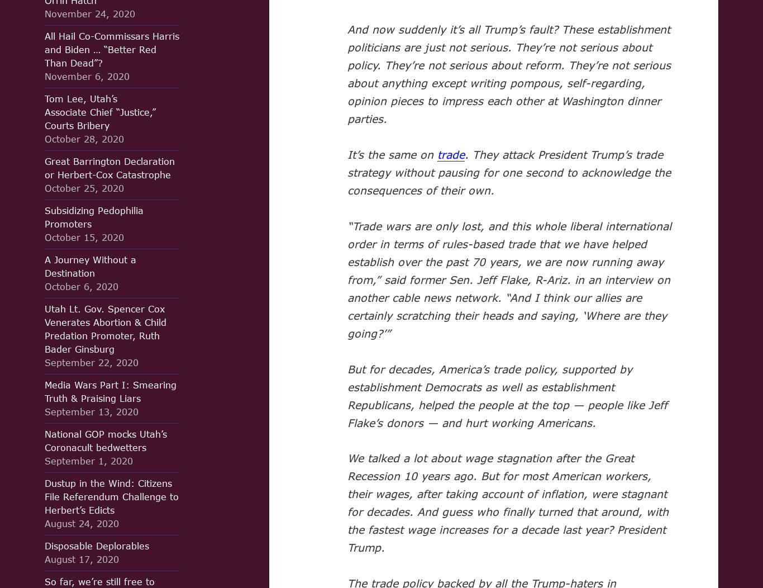  Describe the element at coordinates (109, 168) in the screenshot. I see `'Great Barrington Declaration or Herbert-Cox Catastrophe'` at that location.